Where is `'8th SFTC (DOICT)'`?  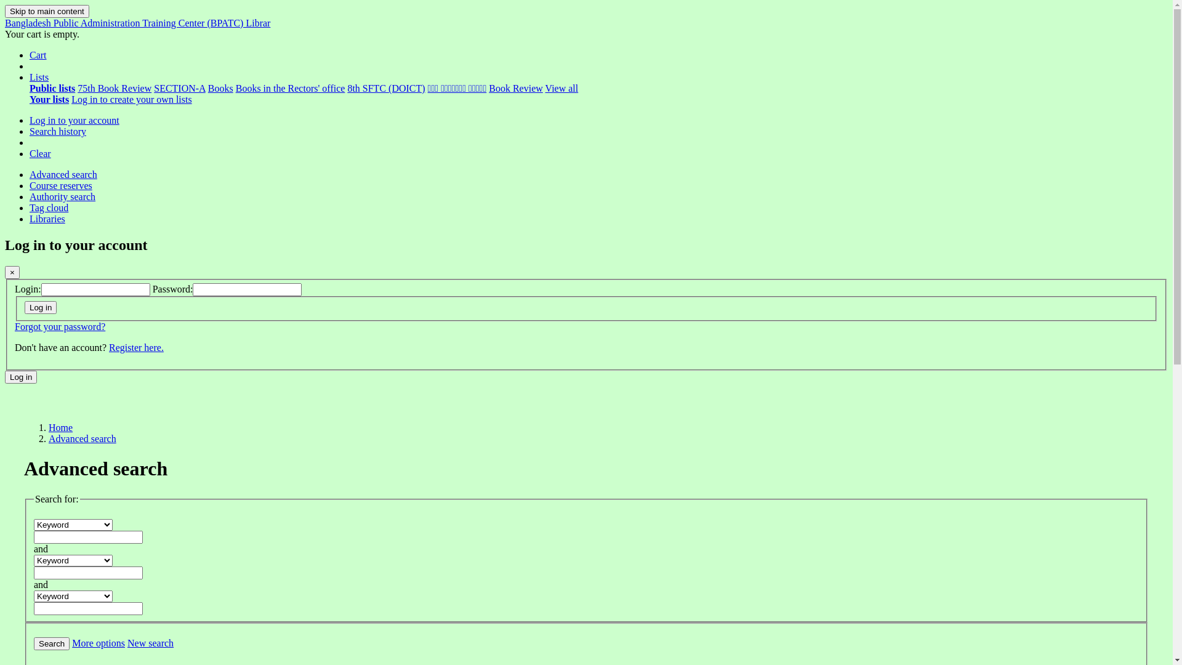 '8th SFTC (DOICT)' is located at coordinates (347, 87).